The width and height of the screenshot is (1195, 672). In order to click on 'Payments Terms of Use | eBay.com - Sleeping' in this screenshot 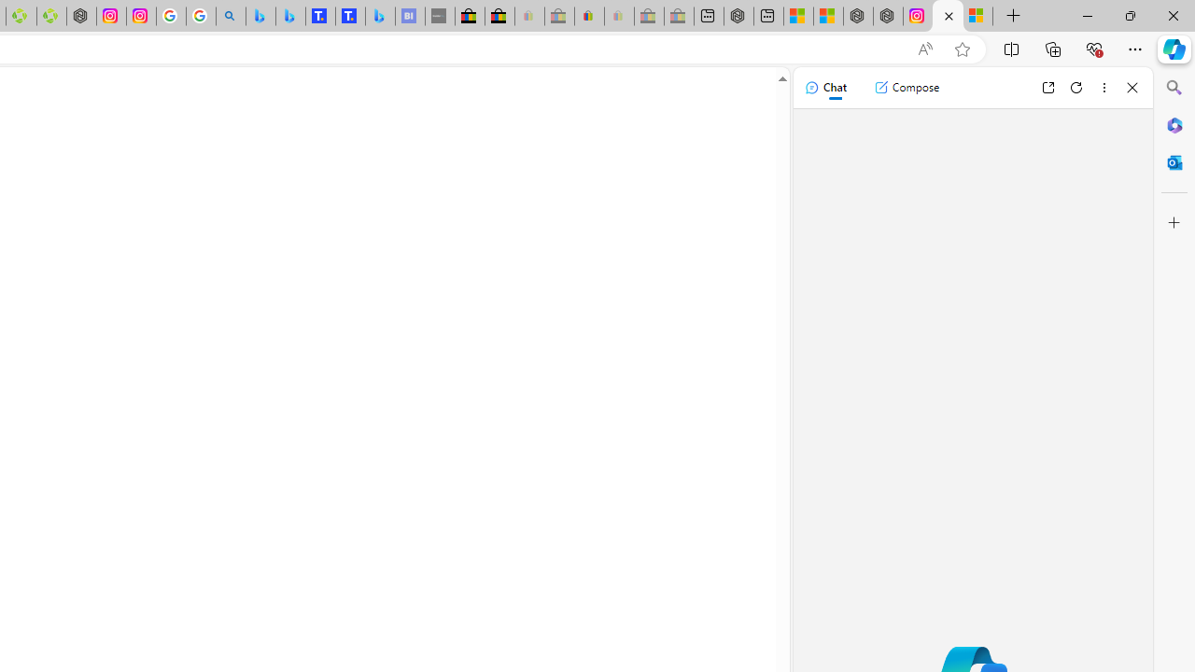, I will do `click(619, 16)`.